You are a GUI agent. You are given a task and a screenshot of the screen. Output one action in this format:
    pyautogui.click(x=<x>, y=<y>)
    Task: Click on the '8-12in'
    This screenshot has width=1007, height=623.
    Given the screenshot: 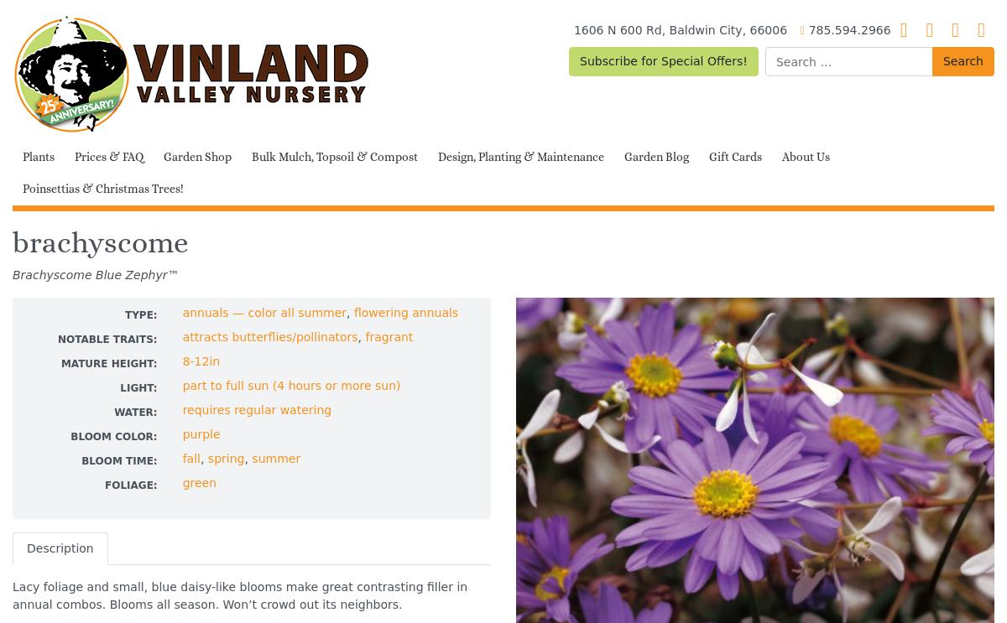 What is the action you would take?
    pyautogui.click(x=200, y=360)
    